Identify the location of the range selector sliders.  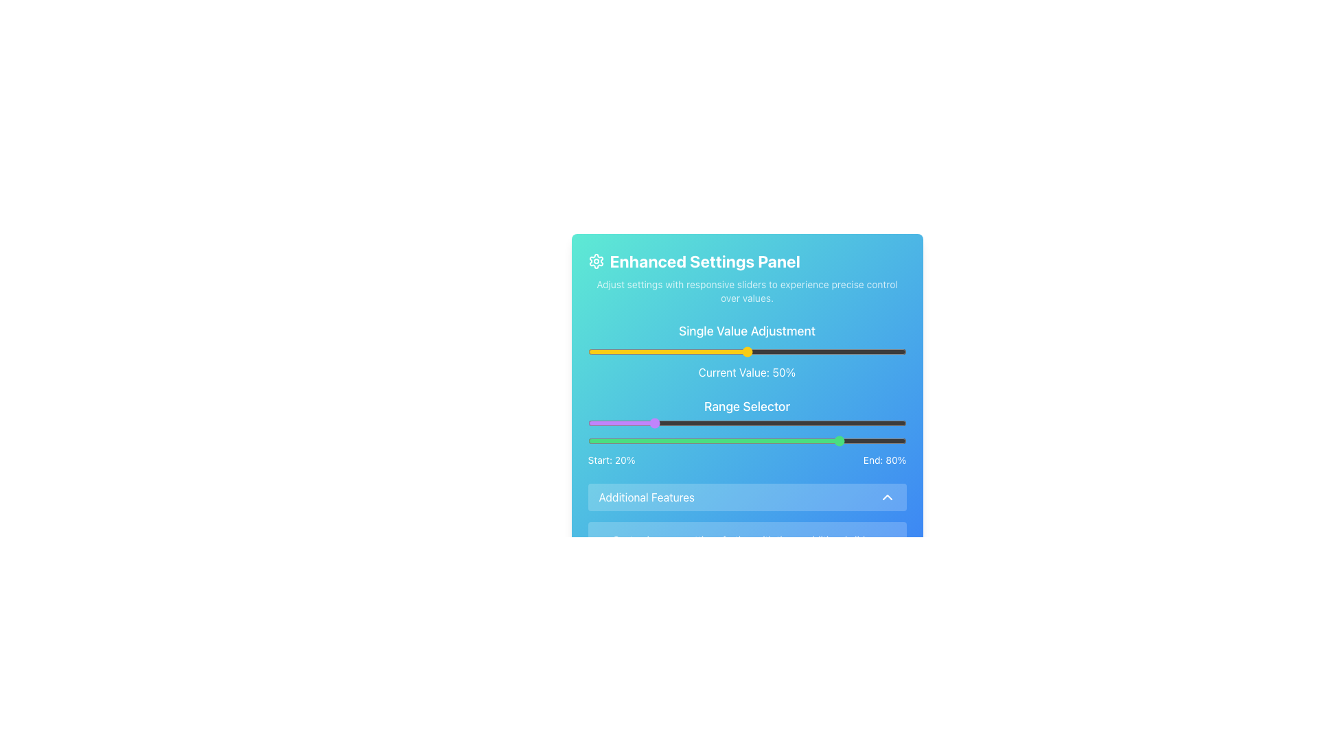
(686, 423).